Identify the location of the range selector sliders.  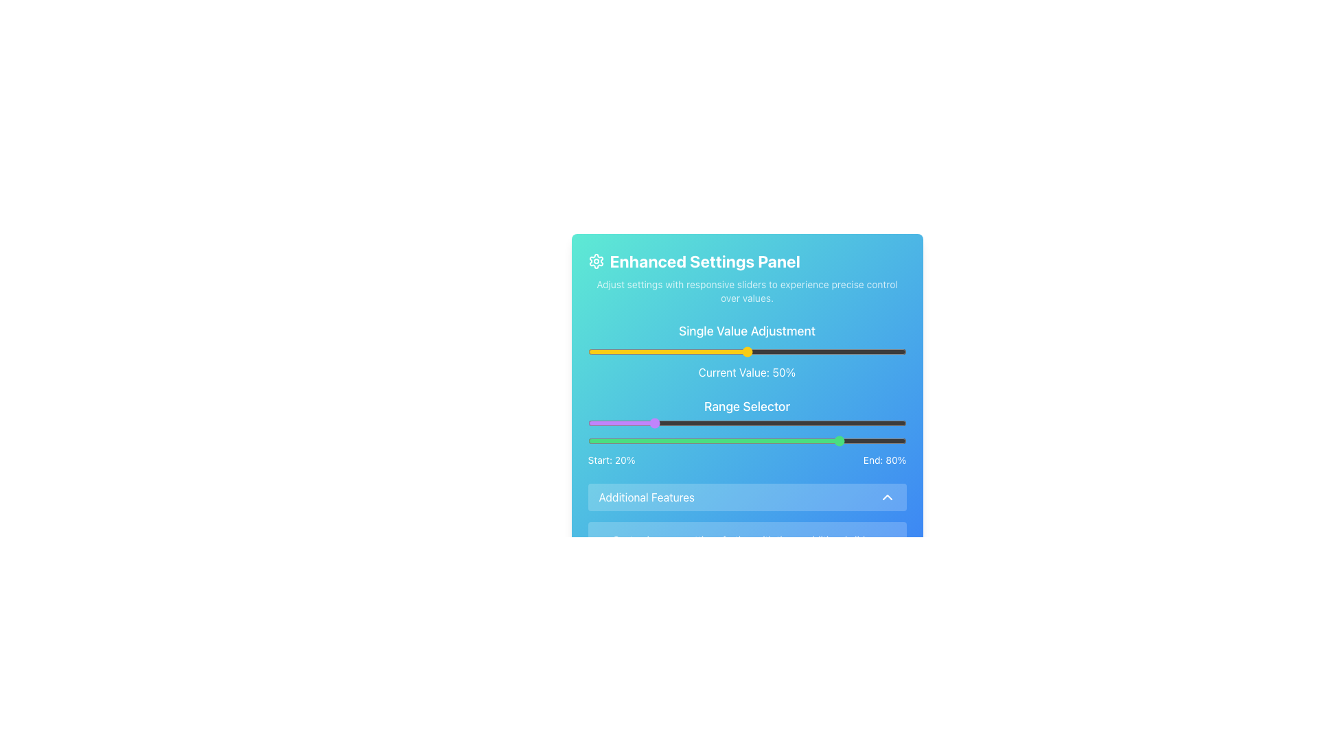
(686, 423).